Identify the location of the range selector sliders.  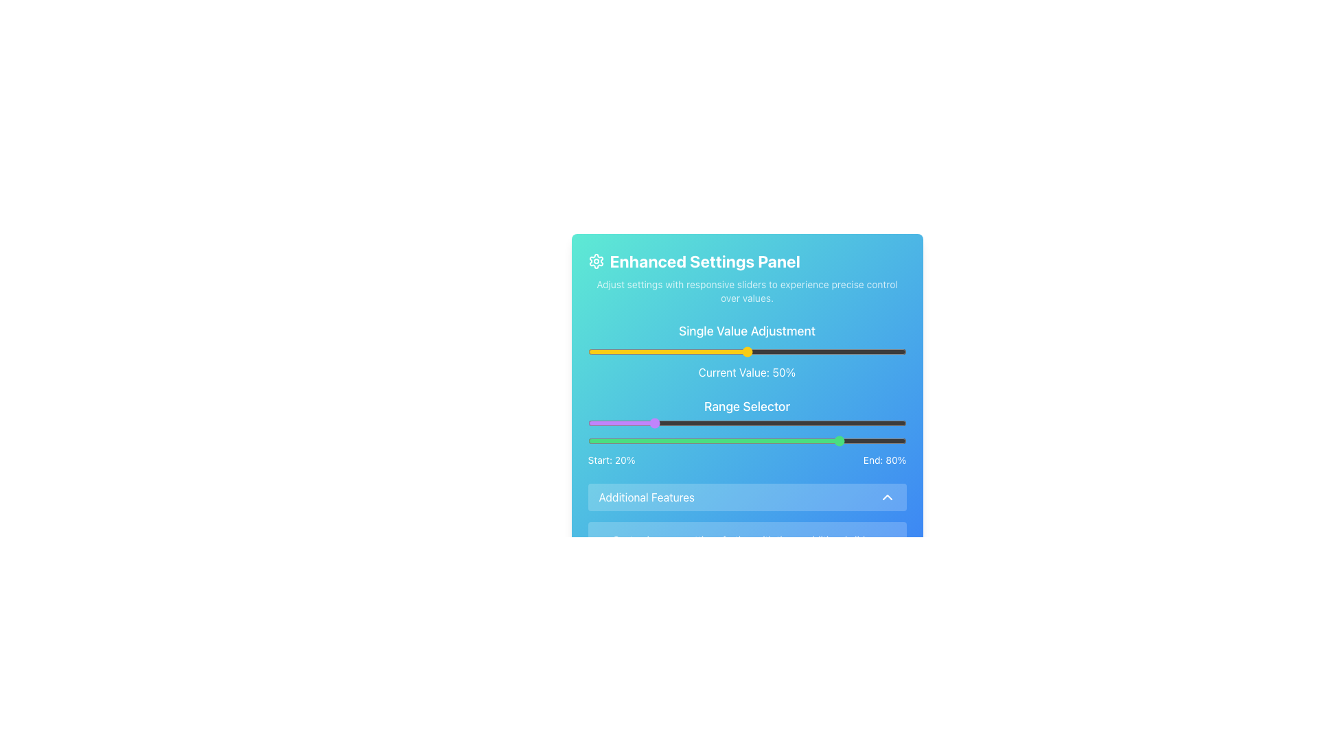
(686, 423).